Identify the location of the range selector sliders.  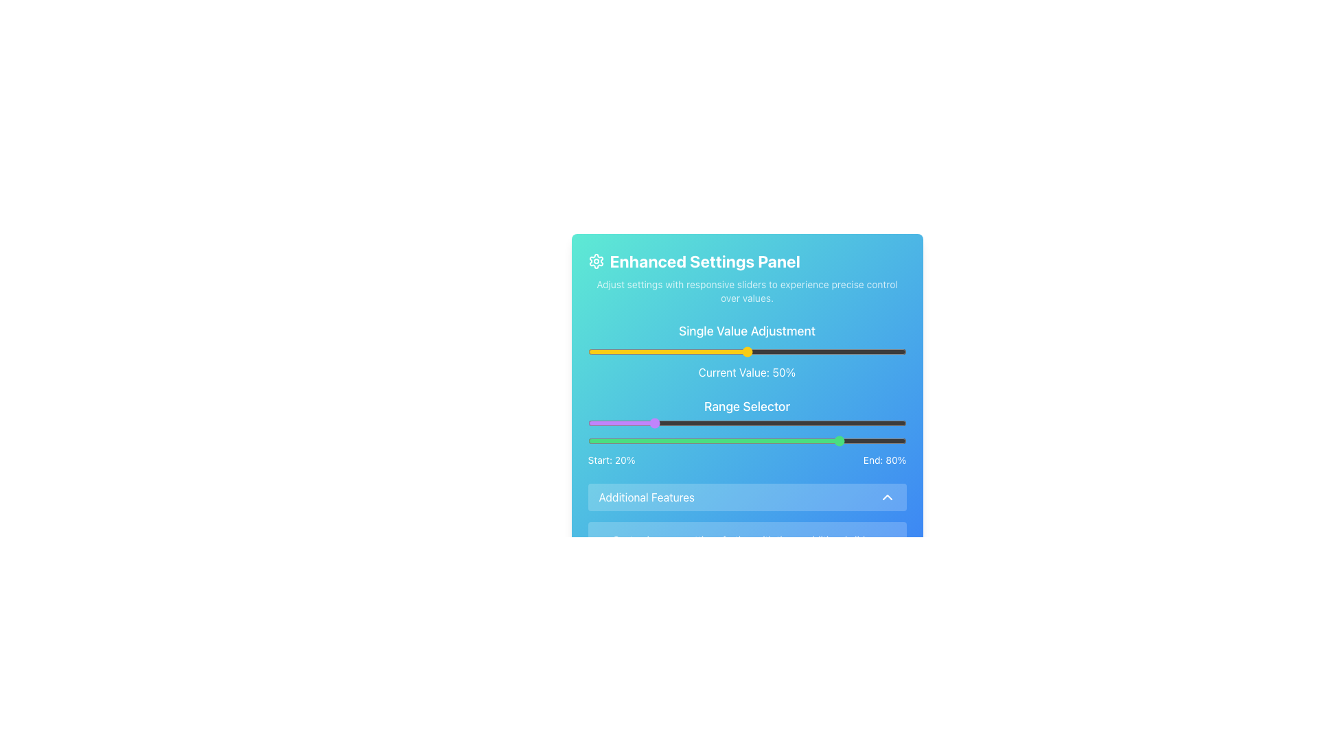
(686, 423).